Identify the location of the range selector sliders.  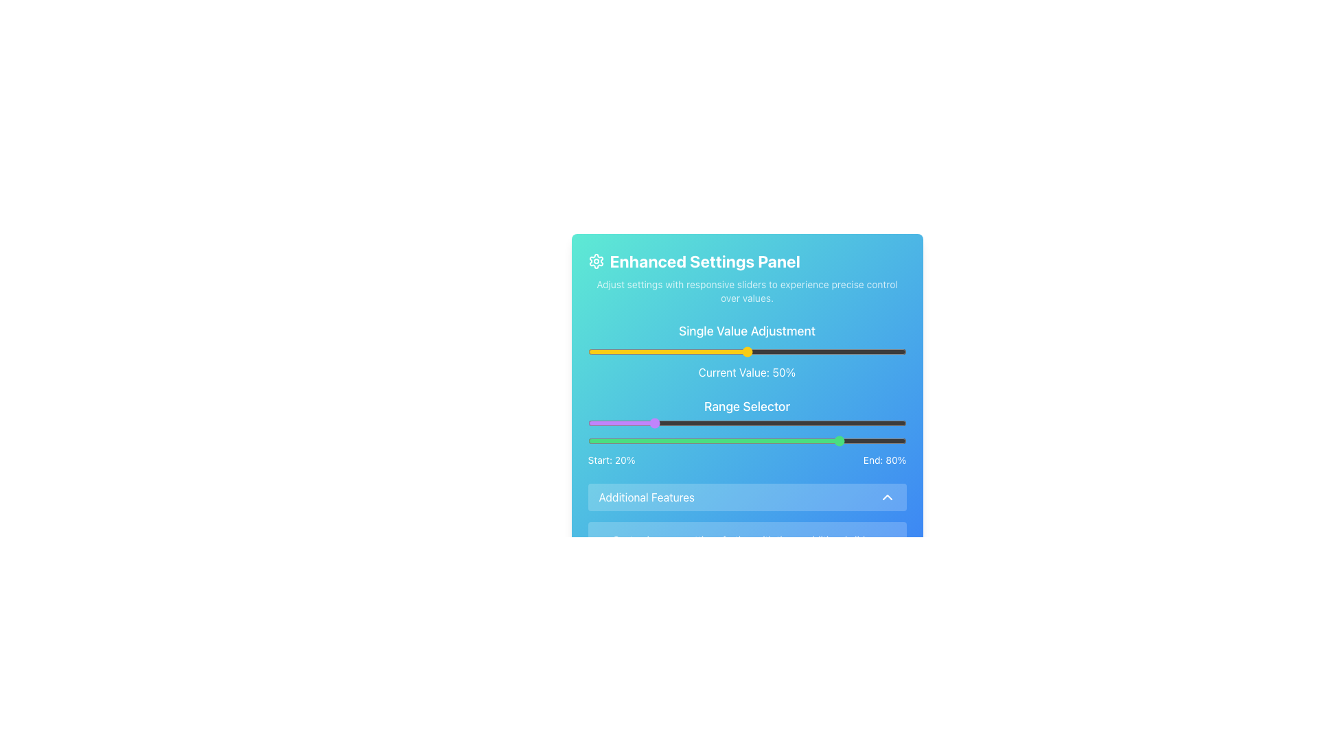
(686, 423).